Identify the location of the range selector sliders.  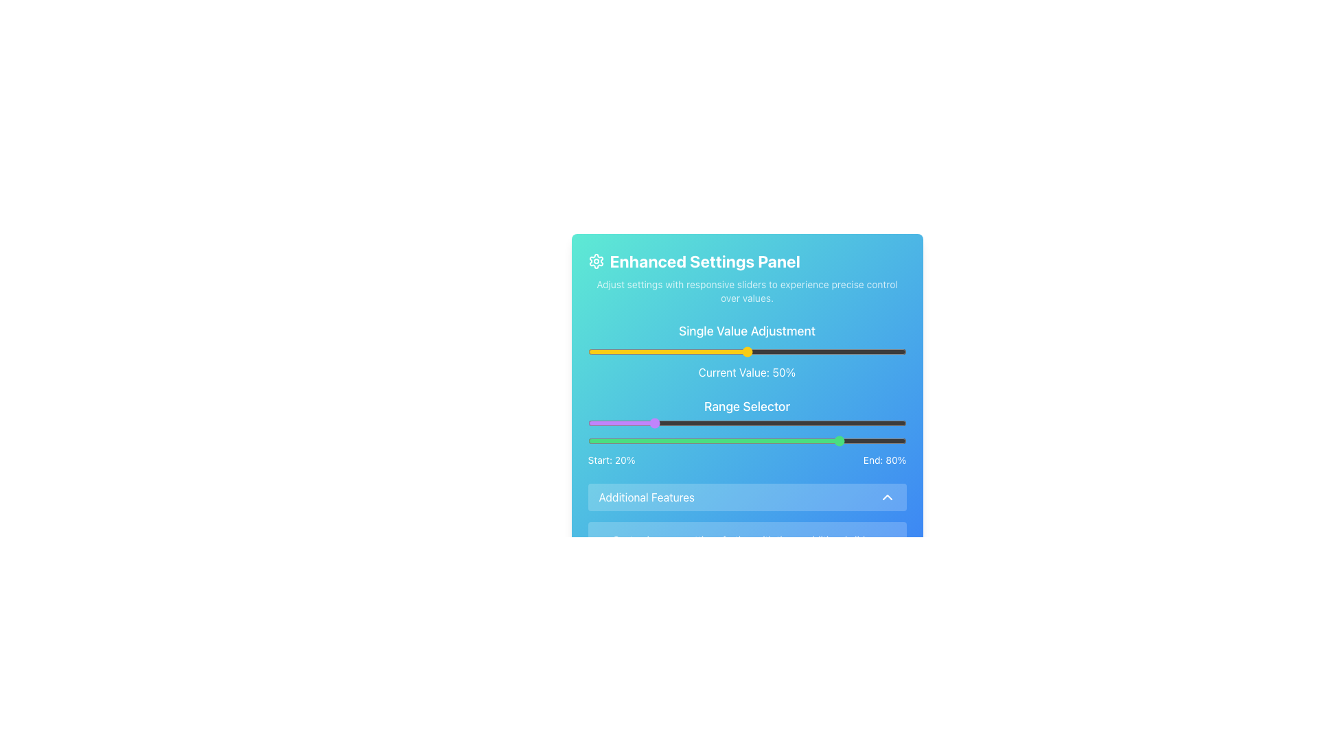
(686, 423).